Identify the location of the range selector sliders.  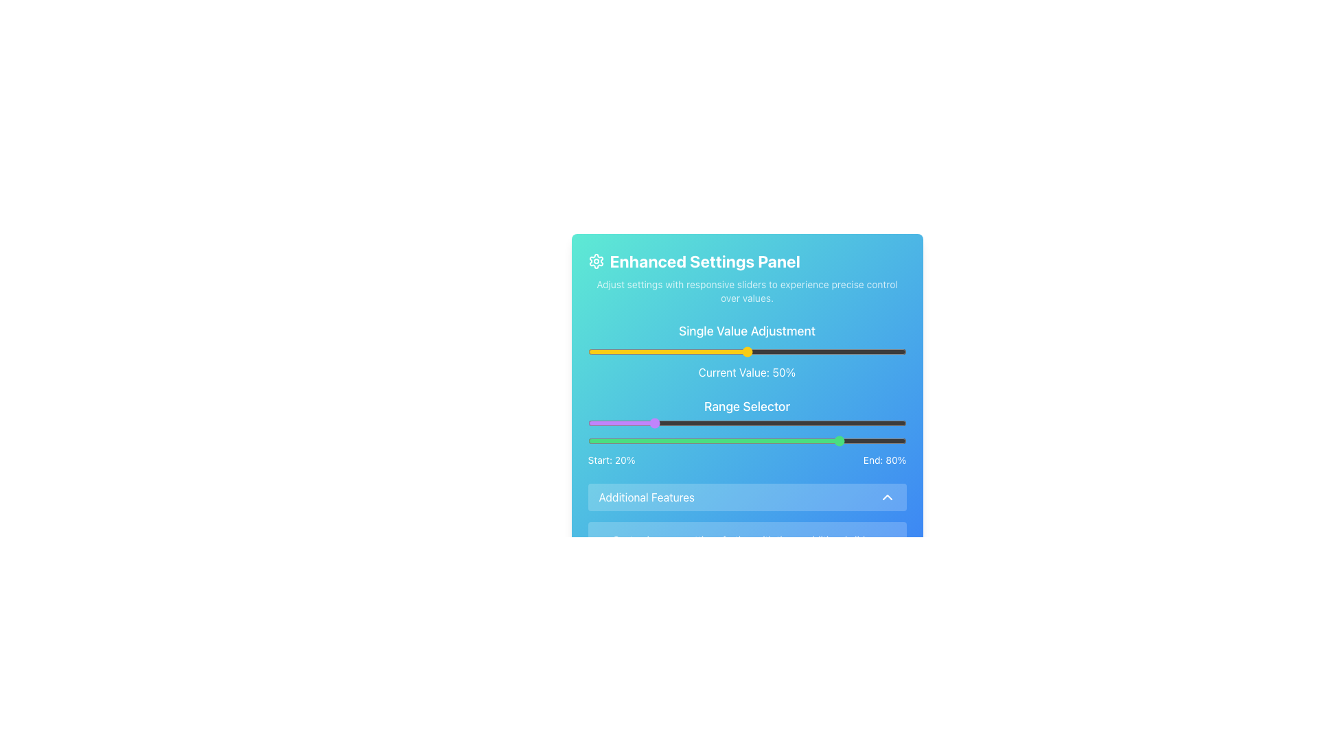
(686, 423).